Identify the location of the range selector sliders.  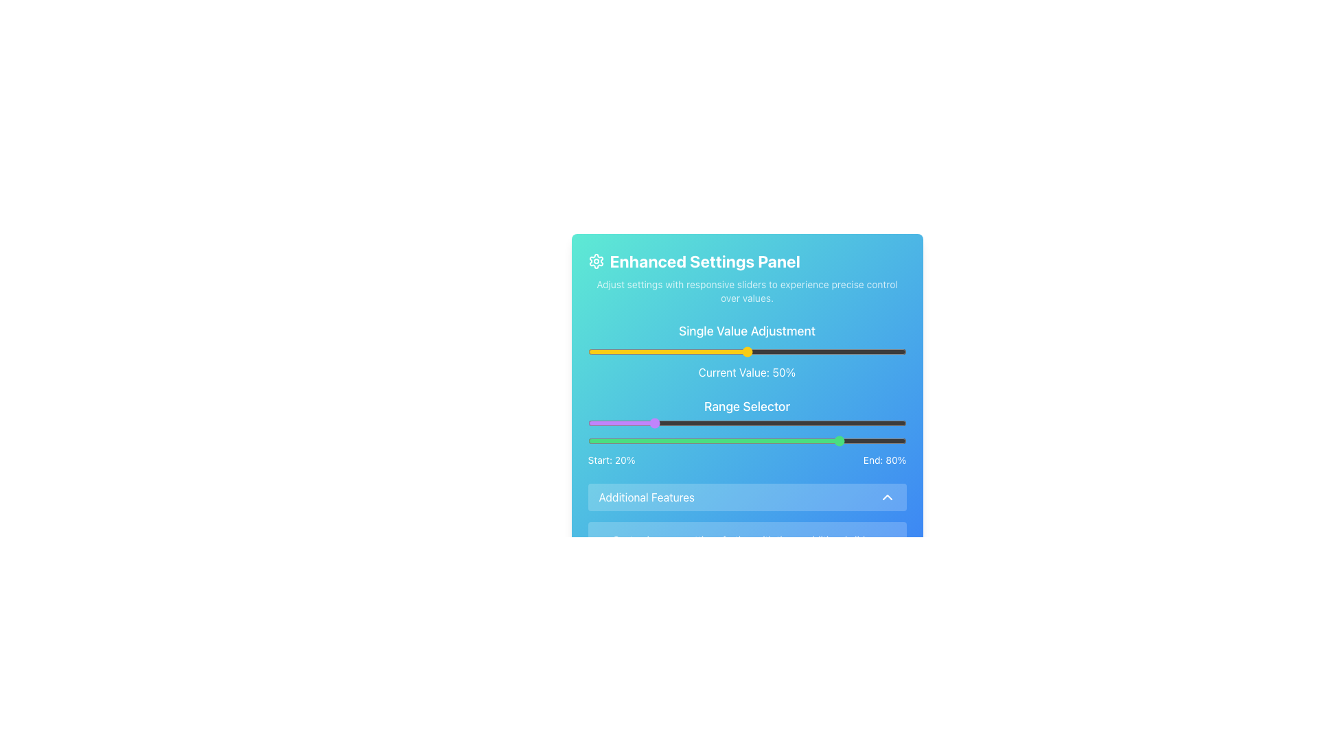
(686, 423).